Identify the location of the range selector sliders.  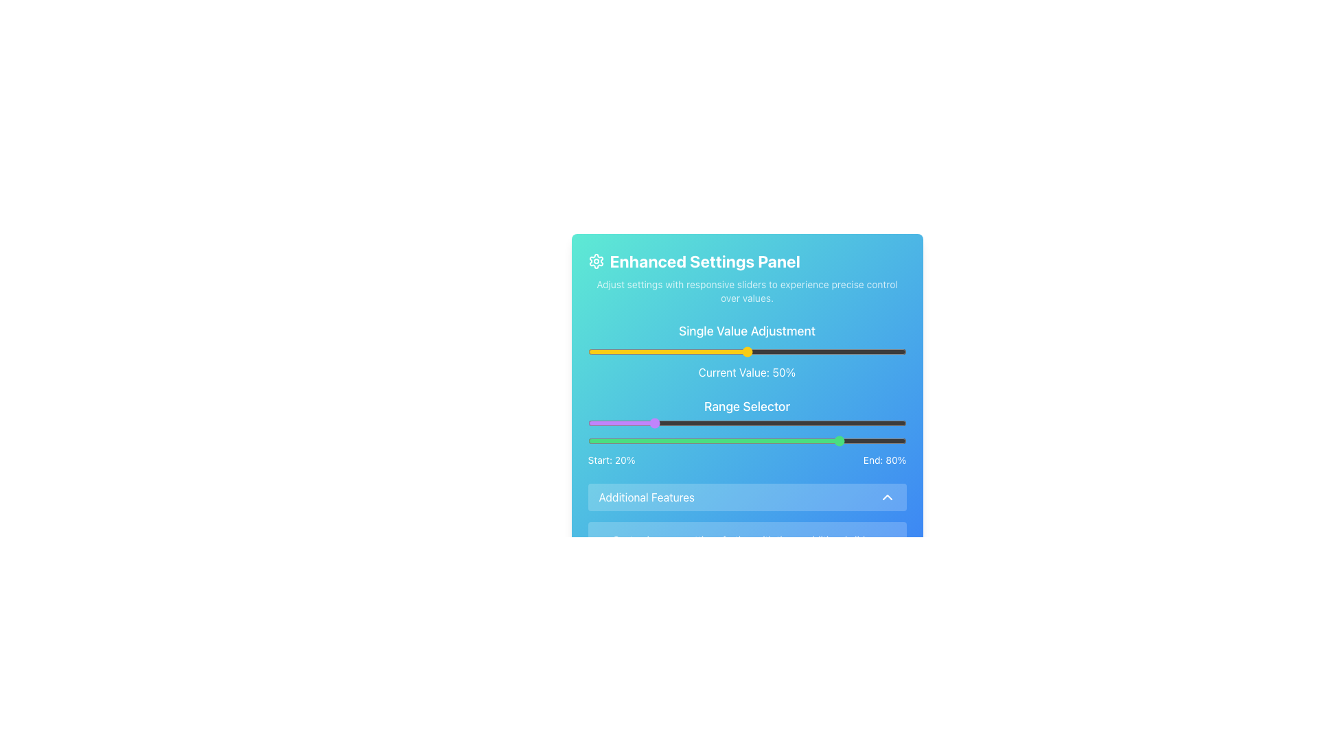
(686, 423).